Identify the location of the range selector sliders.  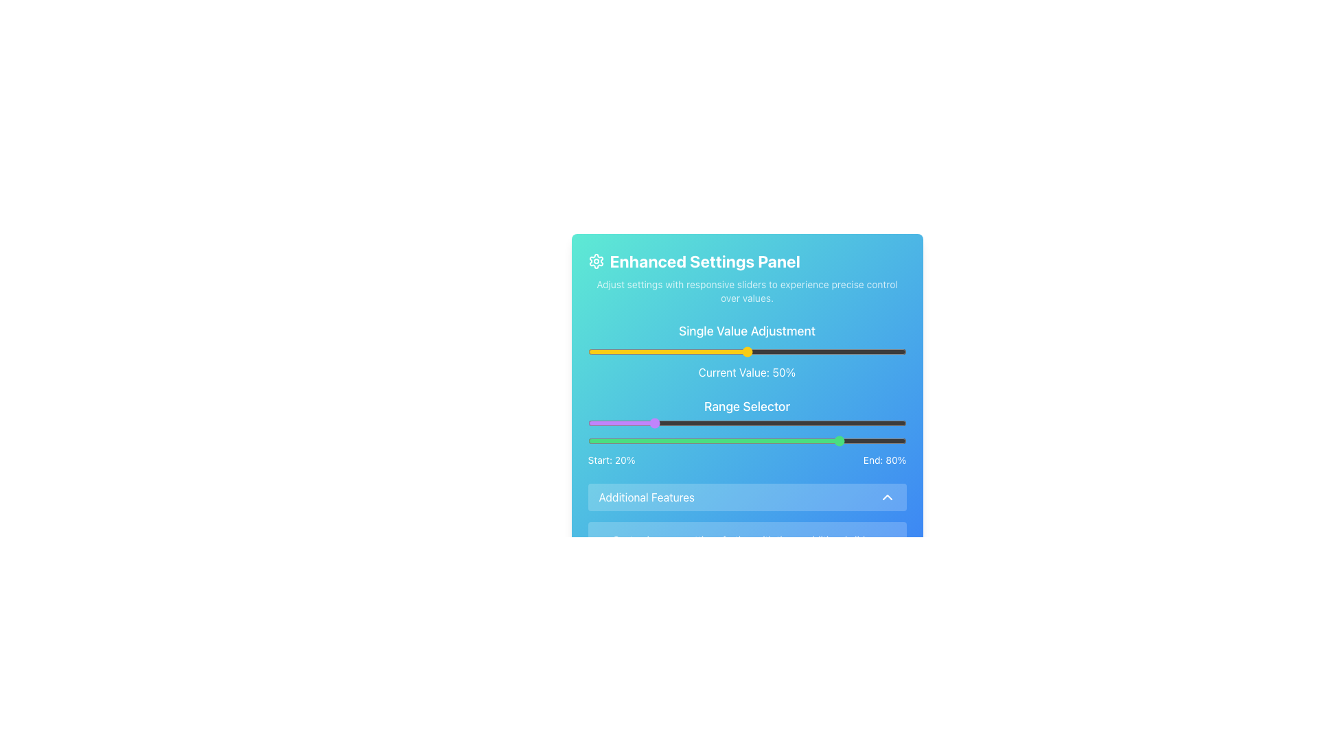
(686, 423).